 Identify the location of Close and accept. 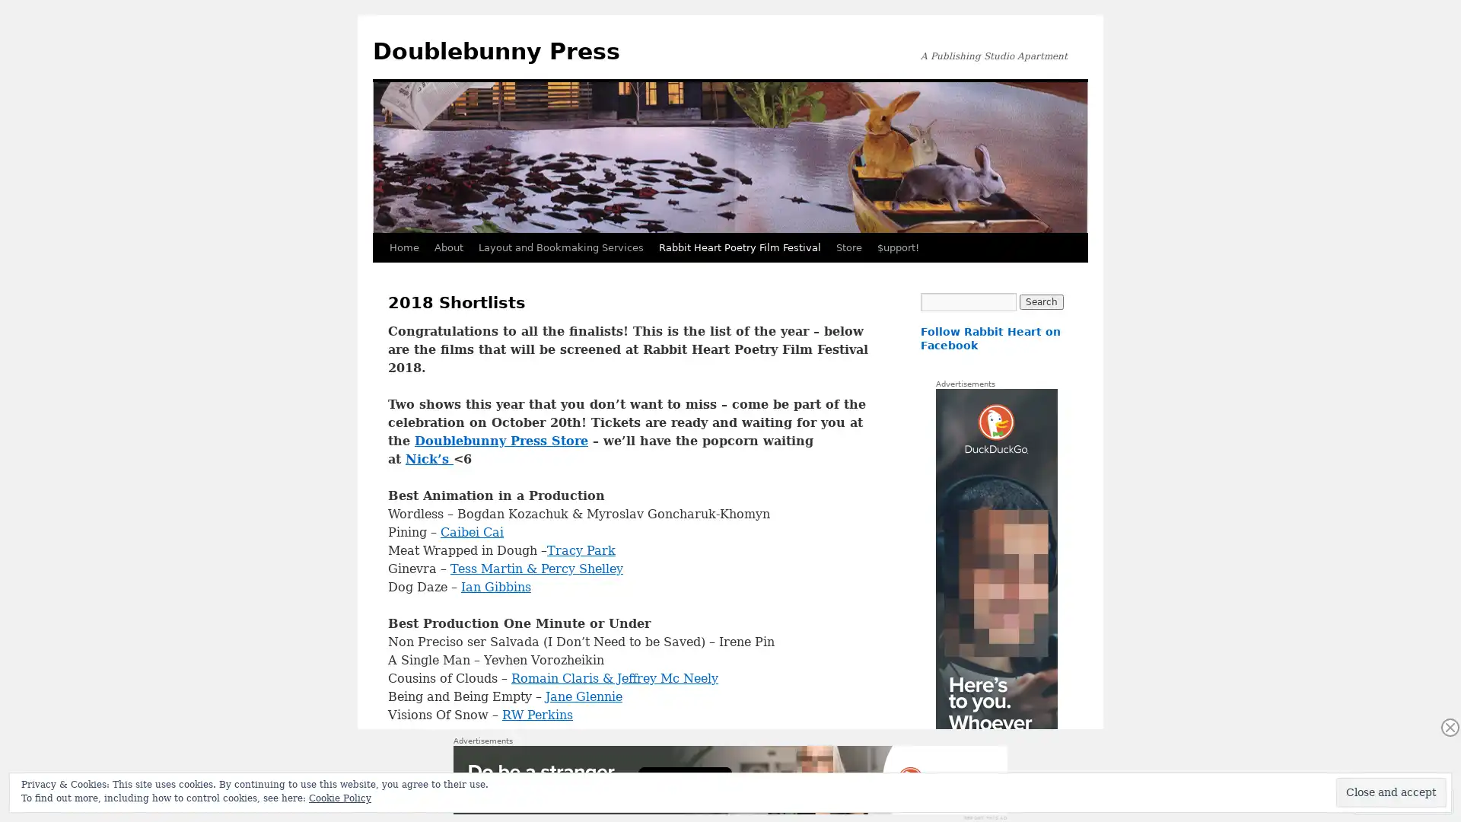
(1391, 792).